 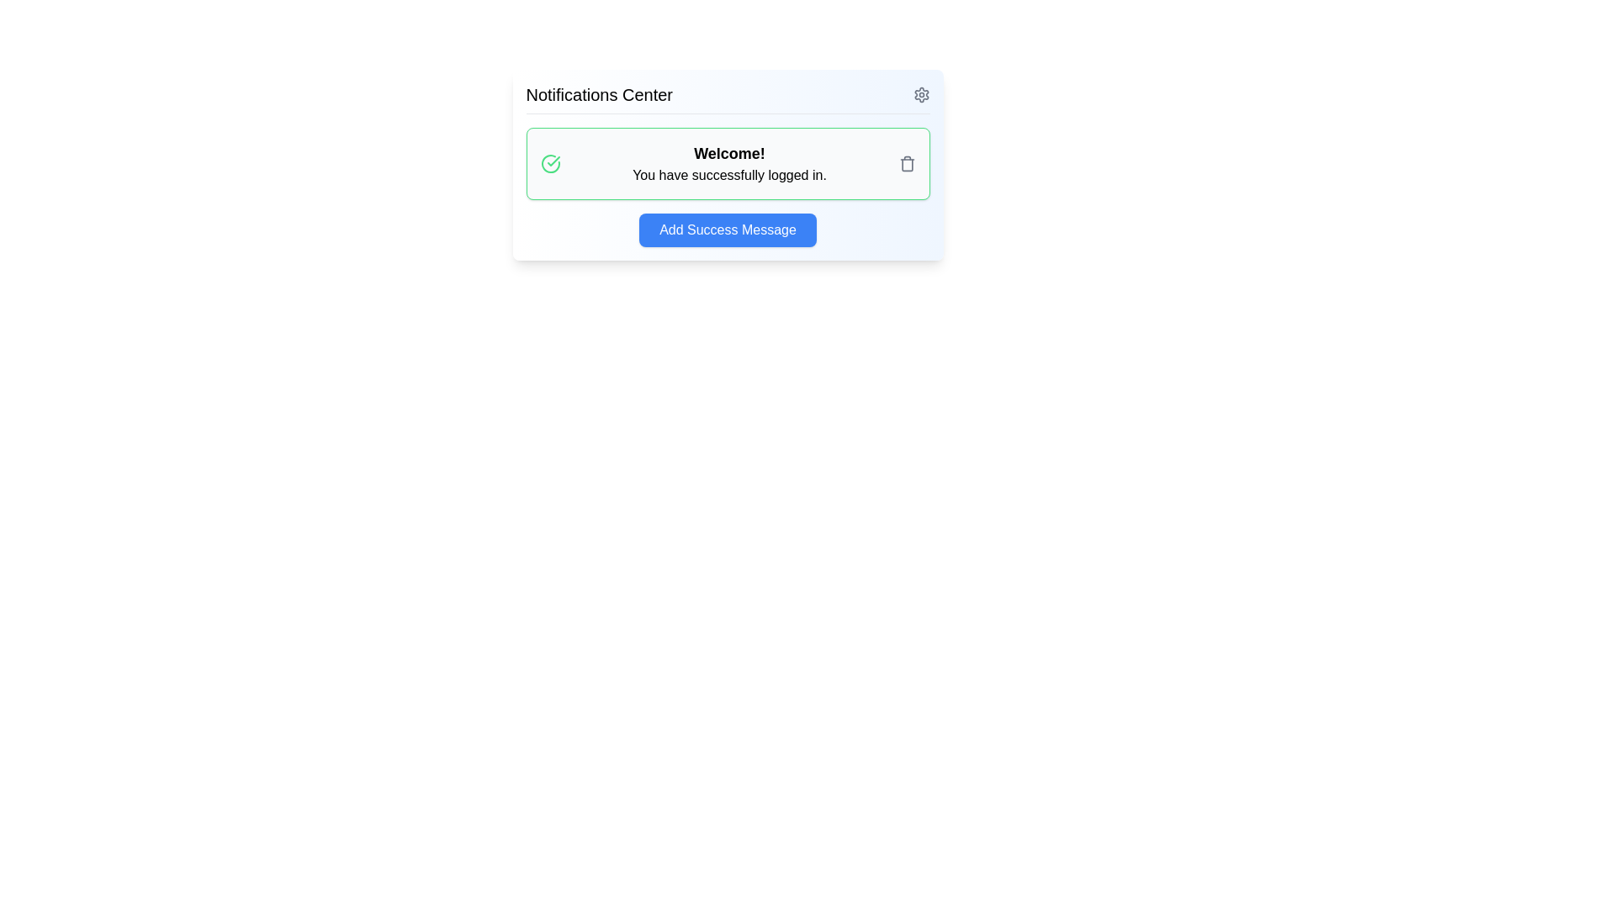 What do you see at coordinates (906, 164) in the screenshot?
I see `the interactive icon located at the far right of the notification message` at bounding box center [906, 164].